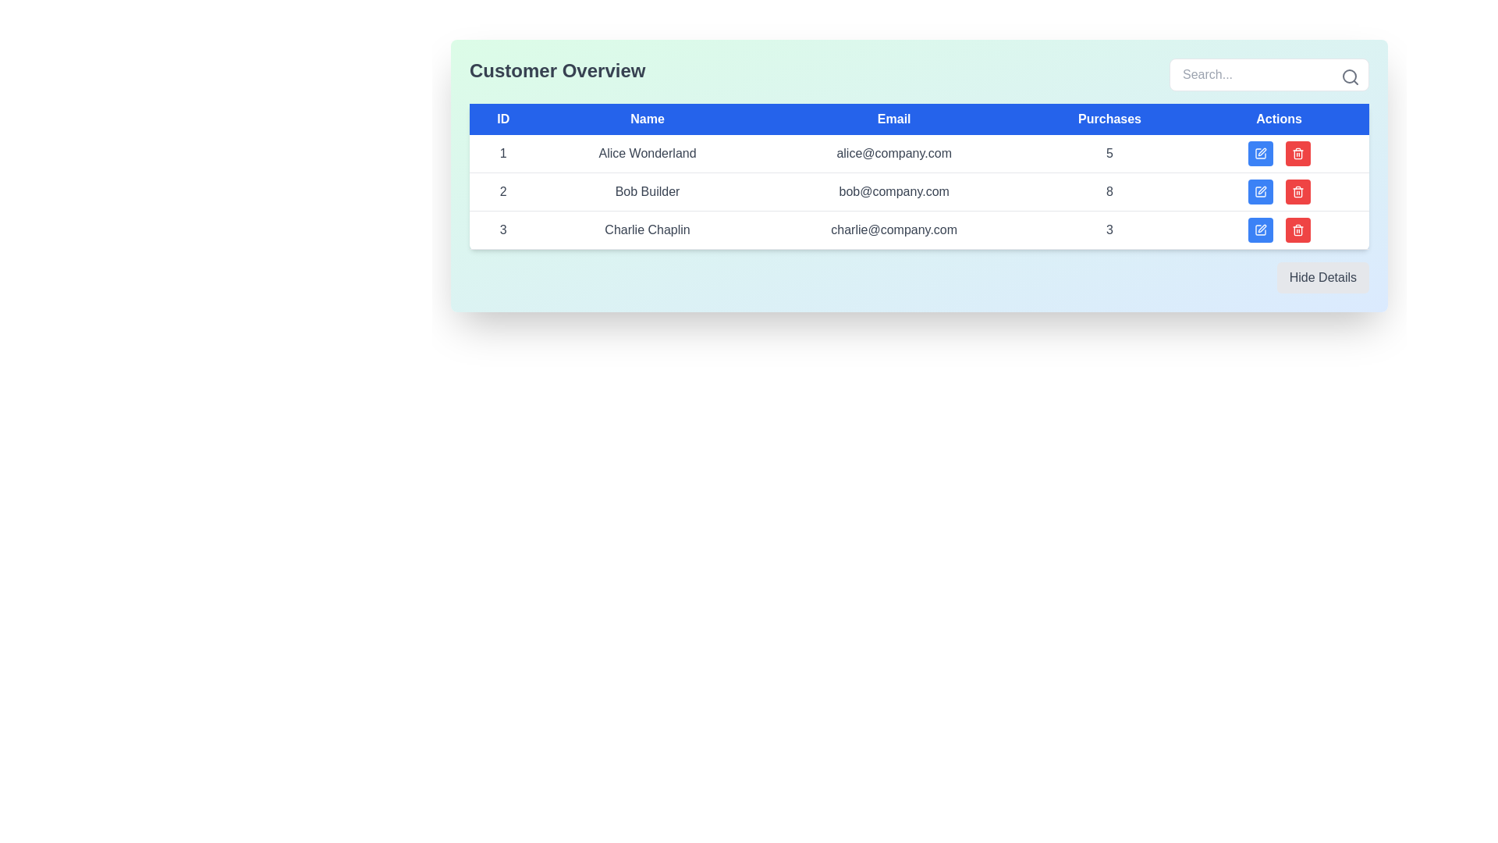 This screenshot has height=843, width=1498. What do you see at coordinates (919, 154) in the screenshot?
I see `the individual cells or action buttons within the first row of the data table, which displays information about a single entity including ID, name, email, and purchases` at bounding box center [919, 154].